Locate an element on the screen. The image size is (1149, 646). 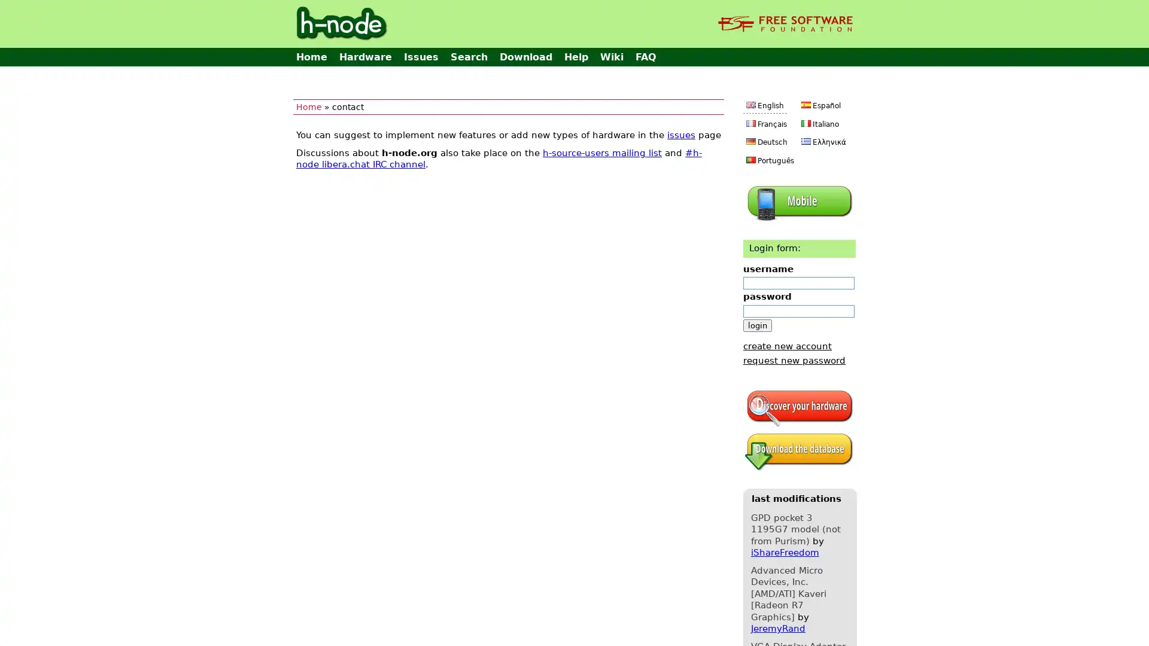
login is located at coordinates (757, 325).